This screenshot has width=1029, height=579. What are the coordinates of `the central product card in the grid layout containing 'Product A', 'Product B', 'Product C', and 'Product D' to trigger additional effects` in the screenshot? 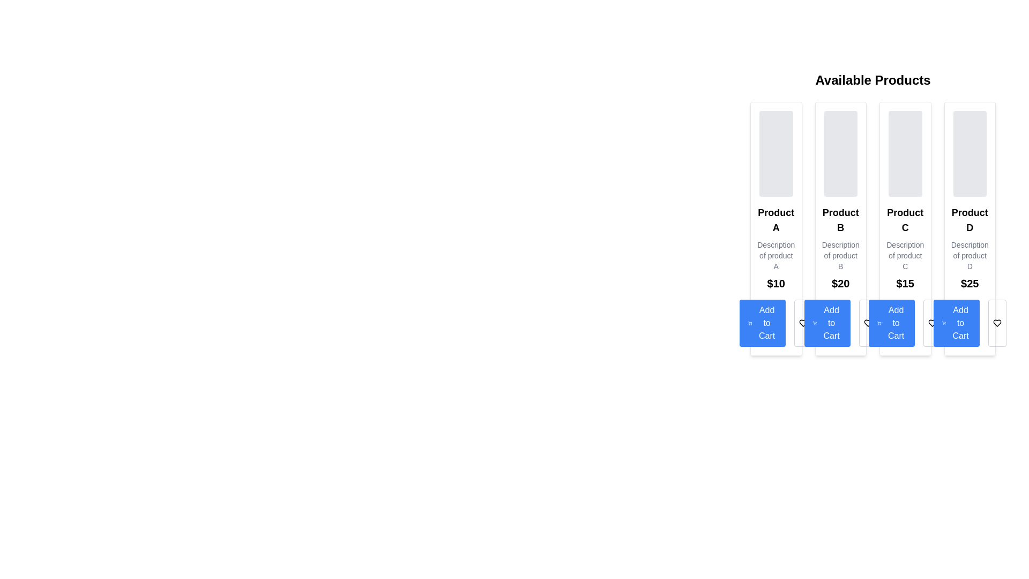 It's located at (873, 228).